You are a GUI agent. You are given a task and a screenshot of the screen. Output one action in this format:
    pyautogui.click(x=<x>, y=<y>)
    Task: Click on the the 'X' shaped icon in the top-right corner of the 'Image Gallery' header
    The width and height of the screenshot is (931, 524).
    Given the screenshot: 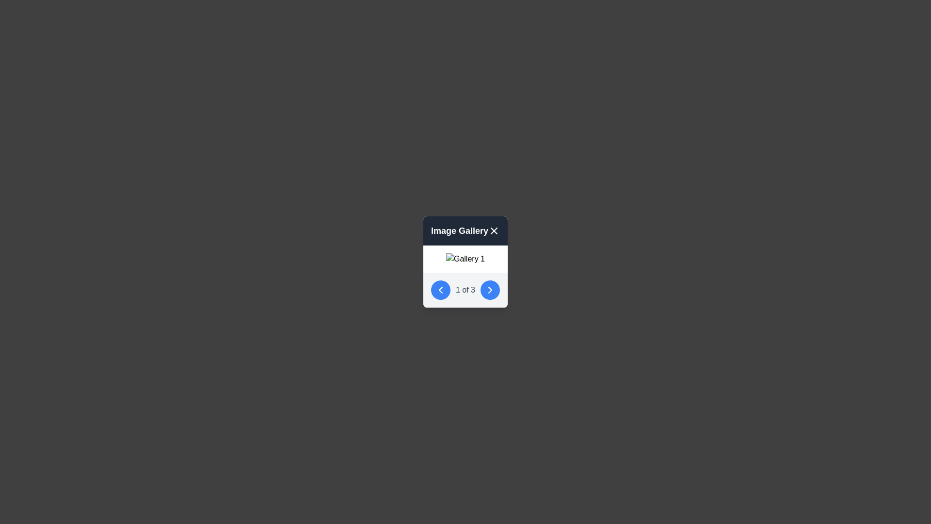 What is the action you would take?
    pyautogui.click(x=494, y=230)
    